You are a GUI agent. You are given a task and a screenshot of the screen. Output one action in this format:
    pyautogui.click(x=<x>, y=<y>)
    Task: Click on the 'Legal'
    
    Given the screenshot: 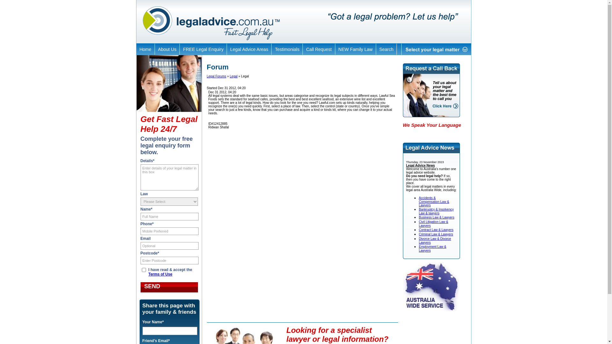 What is the action you would take?
    pyautogui.click(x=233, y=76)
    